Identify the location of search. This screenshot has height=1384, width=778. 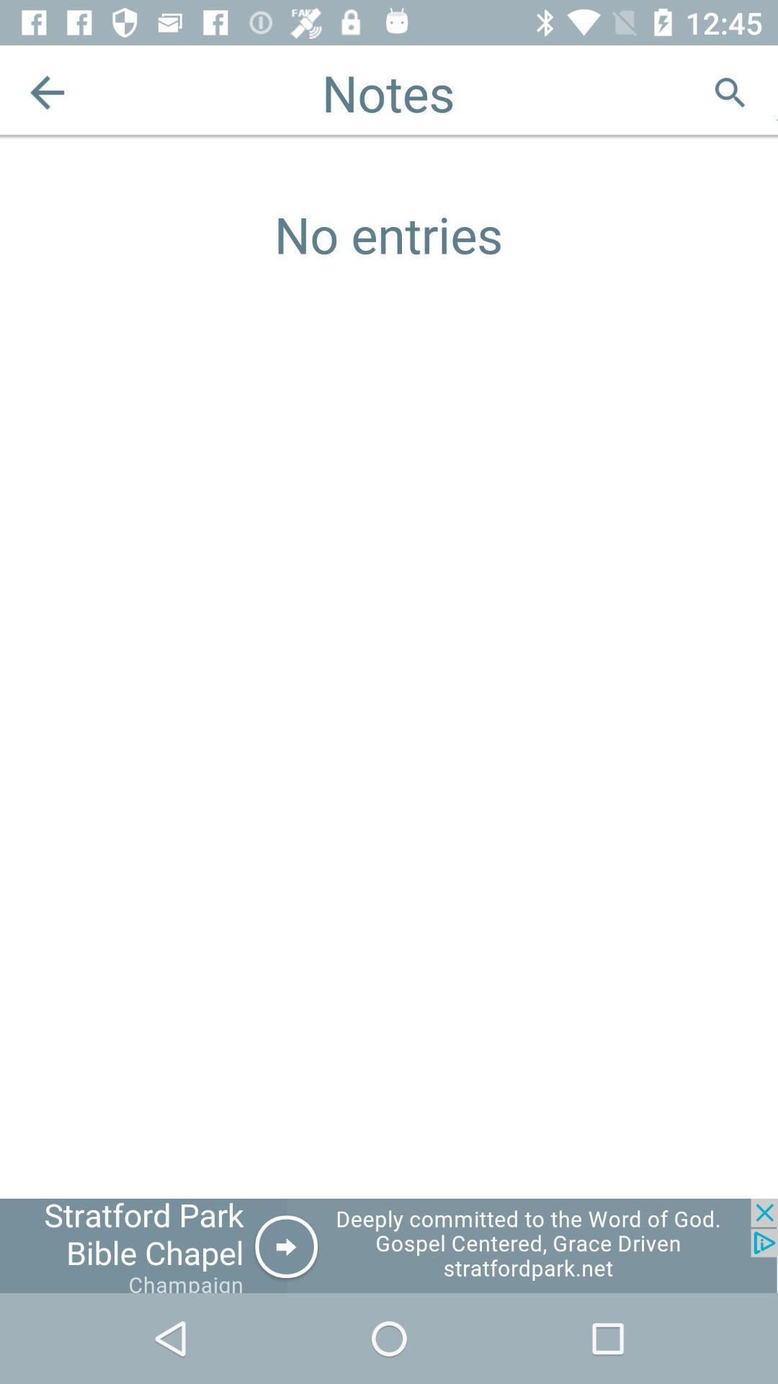
(730, 92).